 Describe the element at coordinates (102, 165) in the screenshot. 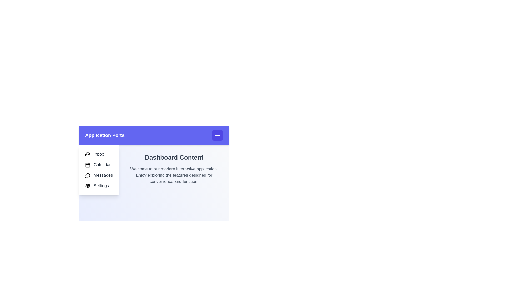

I see `the 'Calendar' text label, which is the second item in the vertical navigation panel, located under 'Inbox' and above 'Messages'` at that location.